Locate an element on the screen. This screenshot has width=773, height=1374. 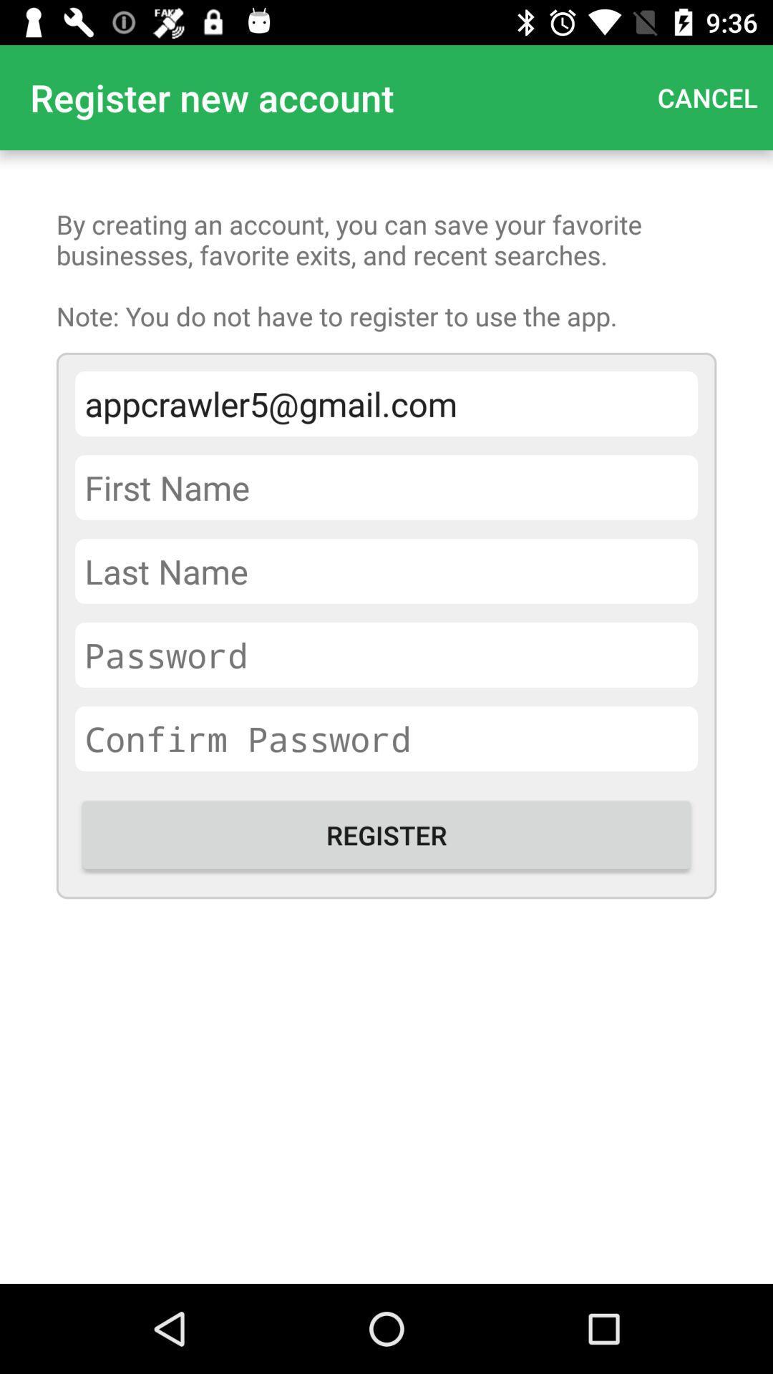
appcrawler5@gmail.com item is located at coordinates (386, 403).